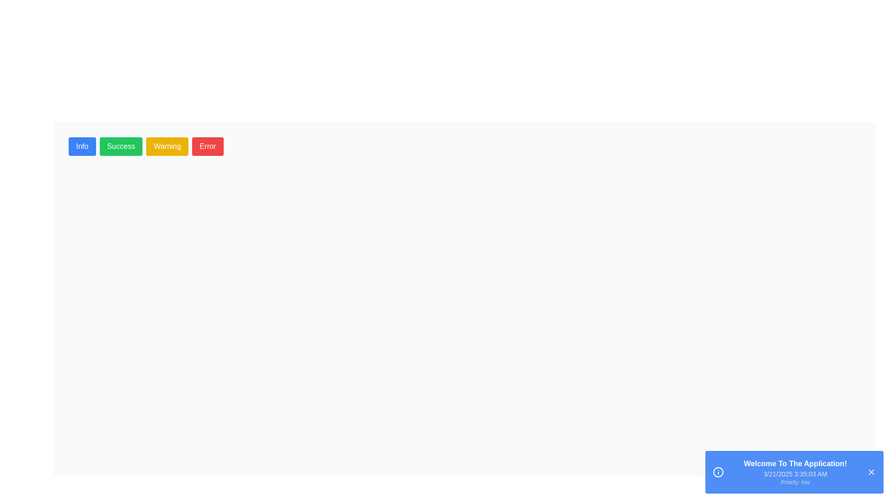 The height and width of the screenshot is (501, 891). Describe the element at coordinates (120, 146) in the screenshot. I see `the 'Success' button, which is the second button from the left in a row of four buttons, to observe the hover effect` at that location.